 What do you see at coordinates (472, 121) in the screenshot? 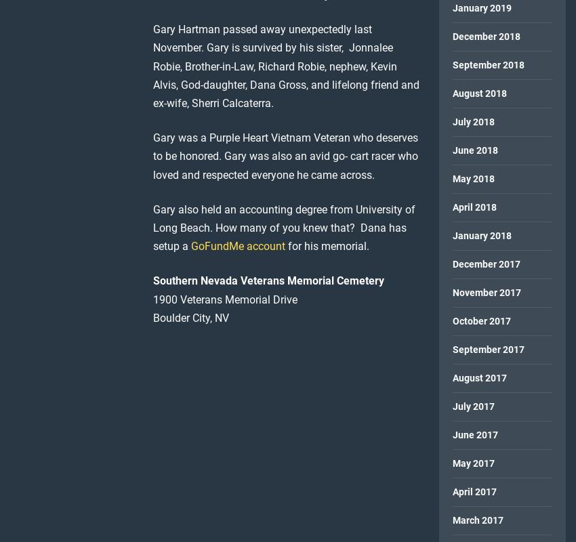
I see `'July 2018'` at bounding box center [472, 121].